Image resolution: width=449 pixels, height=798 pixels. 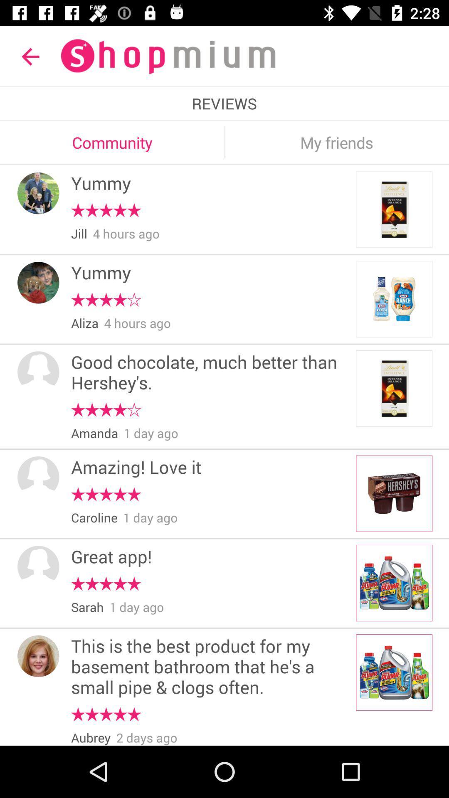 What do you see at coordinates (38, 372) in the screenshot?
I see `the profile icon in the third block` at bounding box center [38, 372].